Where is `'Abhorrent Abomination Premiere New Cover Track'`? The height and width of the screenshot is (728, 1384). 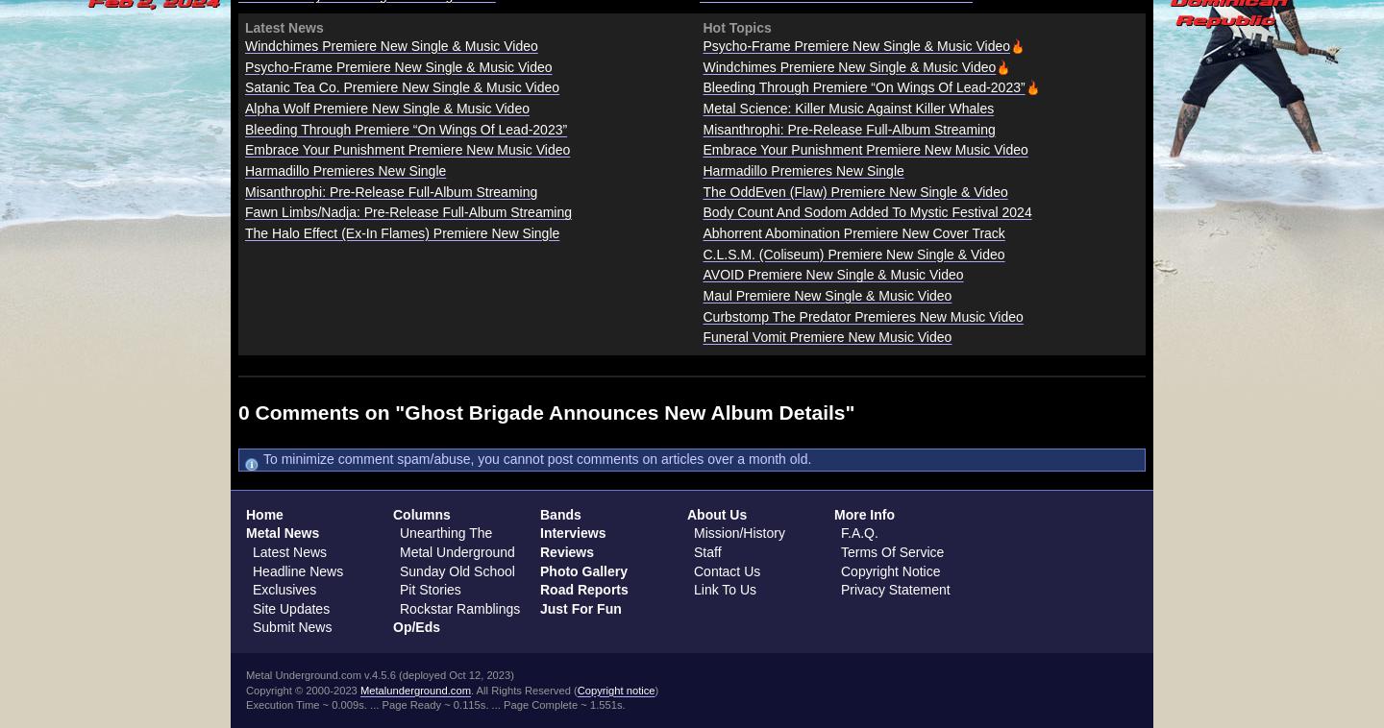 'Abhorrent Abomination Premiere New Cover Track' is located at coordinates (853, 233).